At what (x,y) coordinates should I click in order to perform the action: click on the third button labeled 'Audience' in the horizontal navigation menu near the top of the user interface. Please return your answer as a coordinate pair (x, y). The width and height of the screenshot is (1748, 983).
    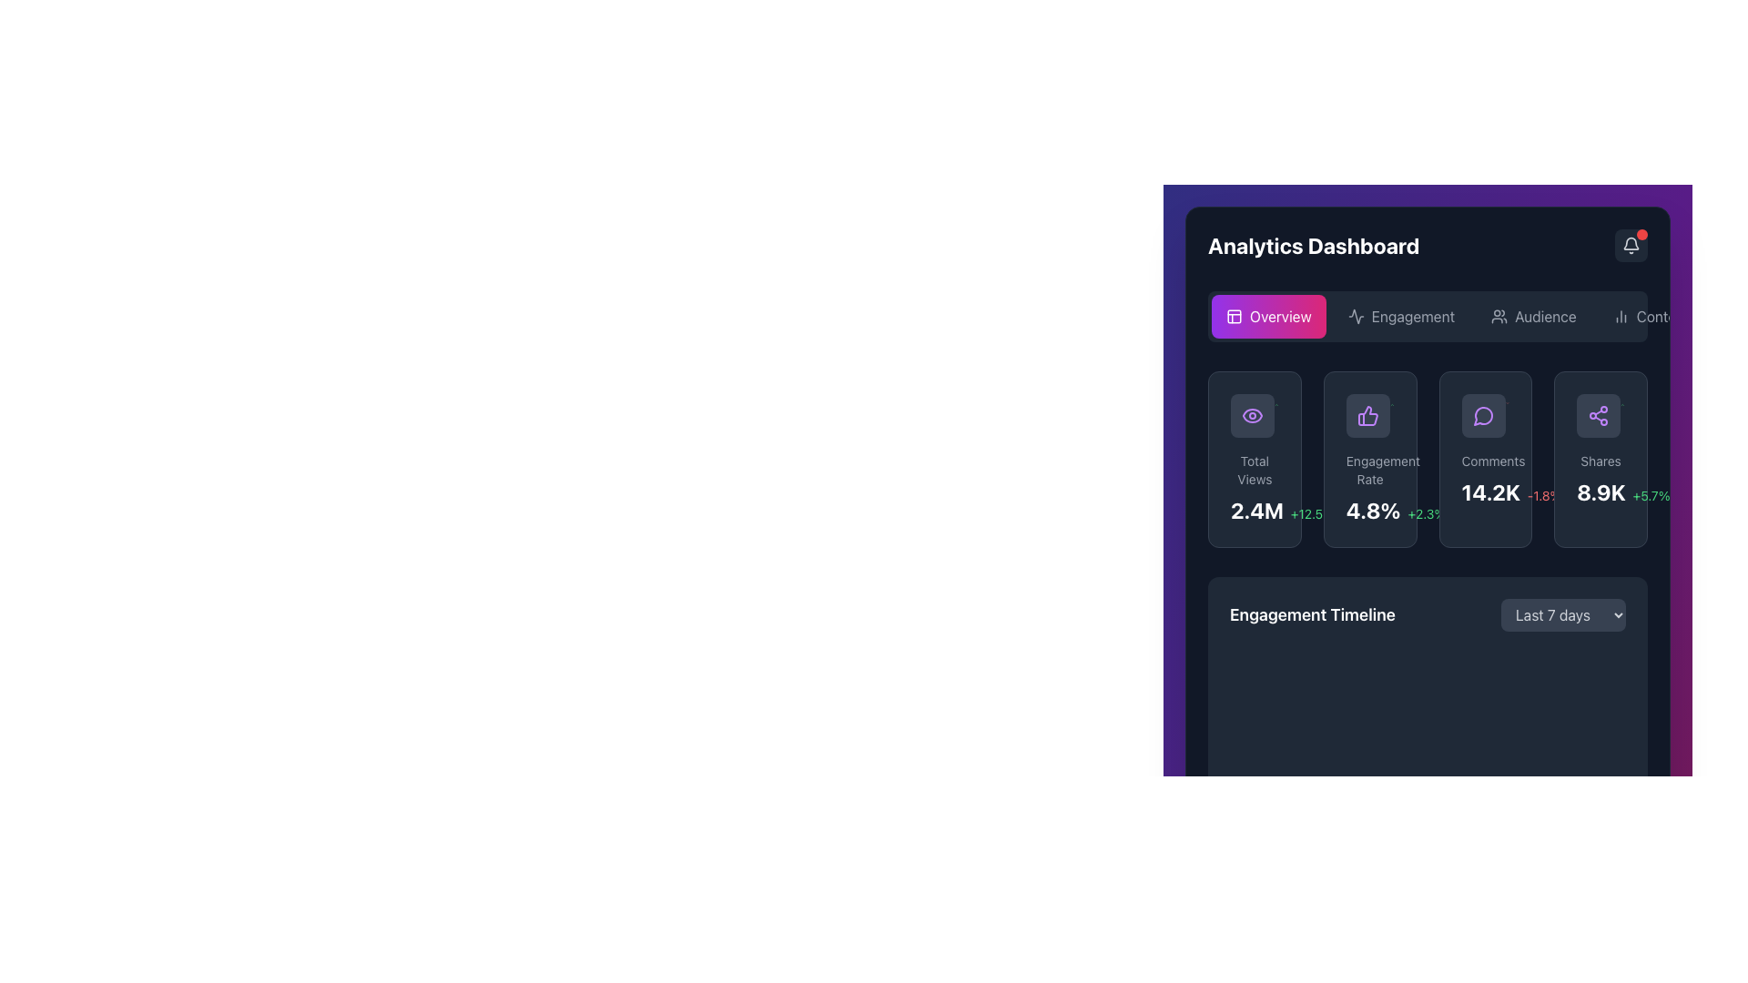
    Looking at the image, I should click on (1532, 315).